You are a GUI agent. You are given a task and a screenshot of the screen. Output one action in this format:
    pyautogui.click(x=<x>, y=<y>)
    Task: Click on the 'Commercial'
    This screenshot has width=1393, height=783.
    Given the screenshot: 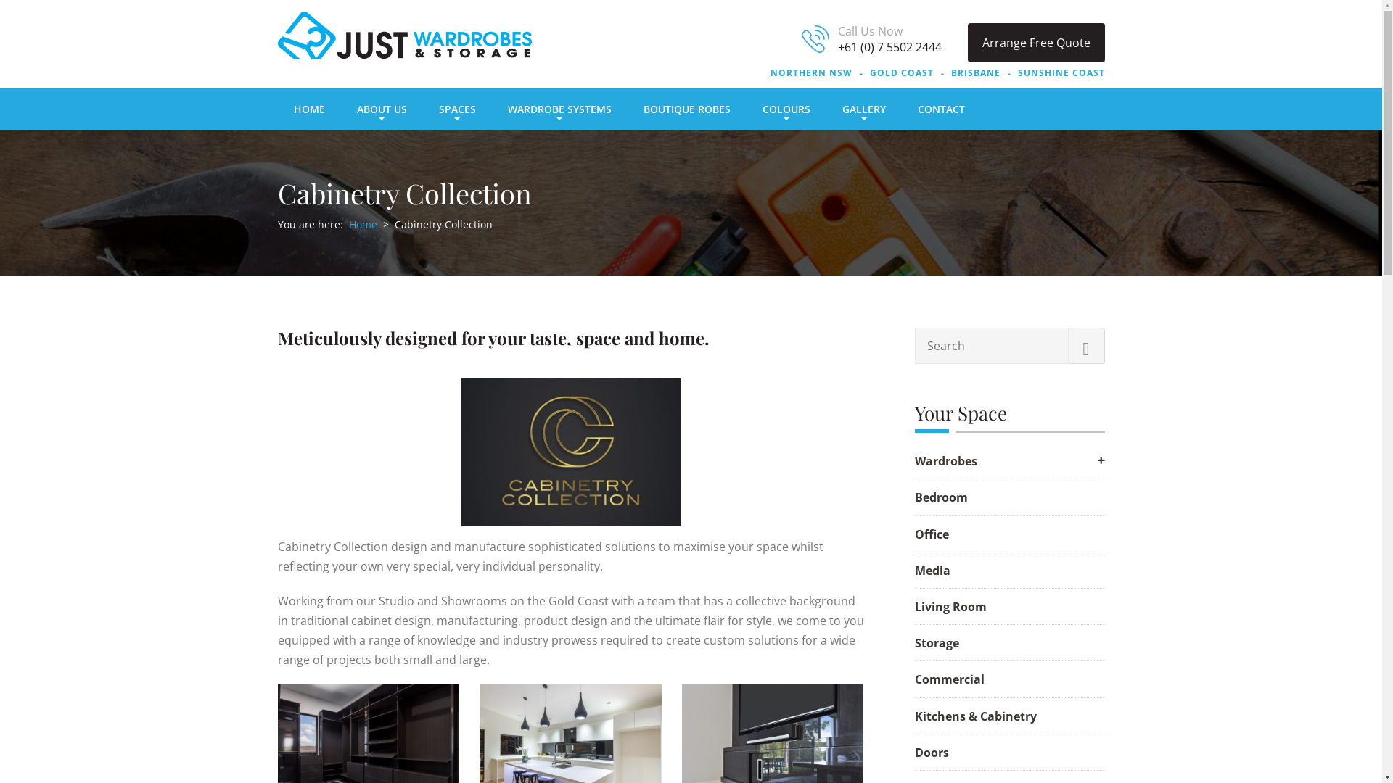 What is the action you would take?
    pyautogui.click(x=1008, y=679)
    